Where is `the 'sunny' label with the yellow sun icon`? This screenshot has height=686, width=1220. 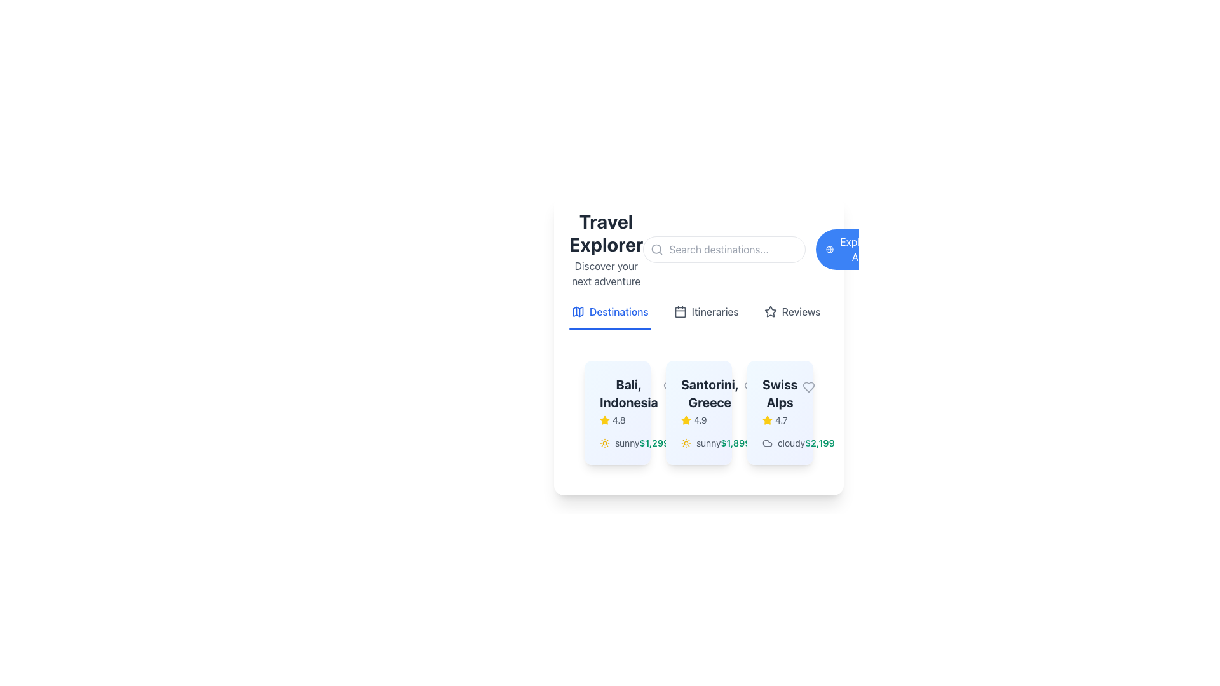 the 'sunny' label with the yellow sun icon is located at coordinates (619, 443).